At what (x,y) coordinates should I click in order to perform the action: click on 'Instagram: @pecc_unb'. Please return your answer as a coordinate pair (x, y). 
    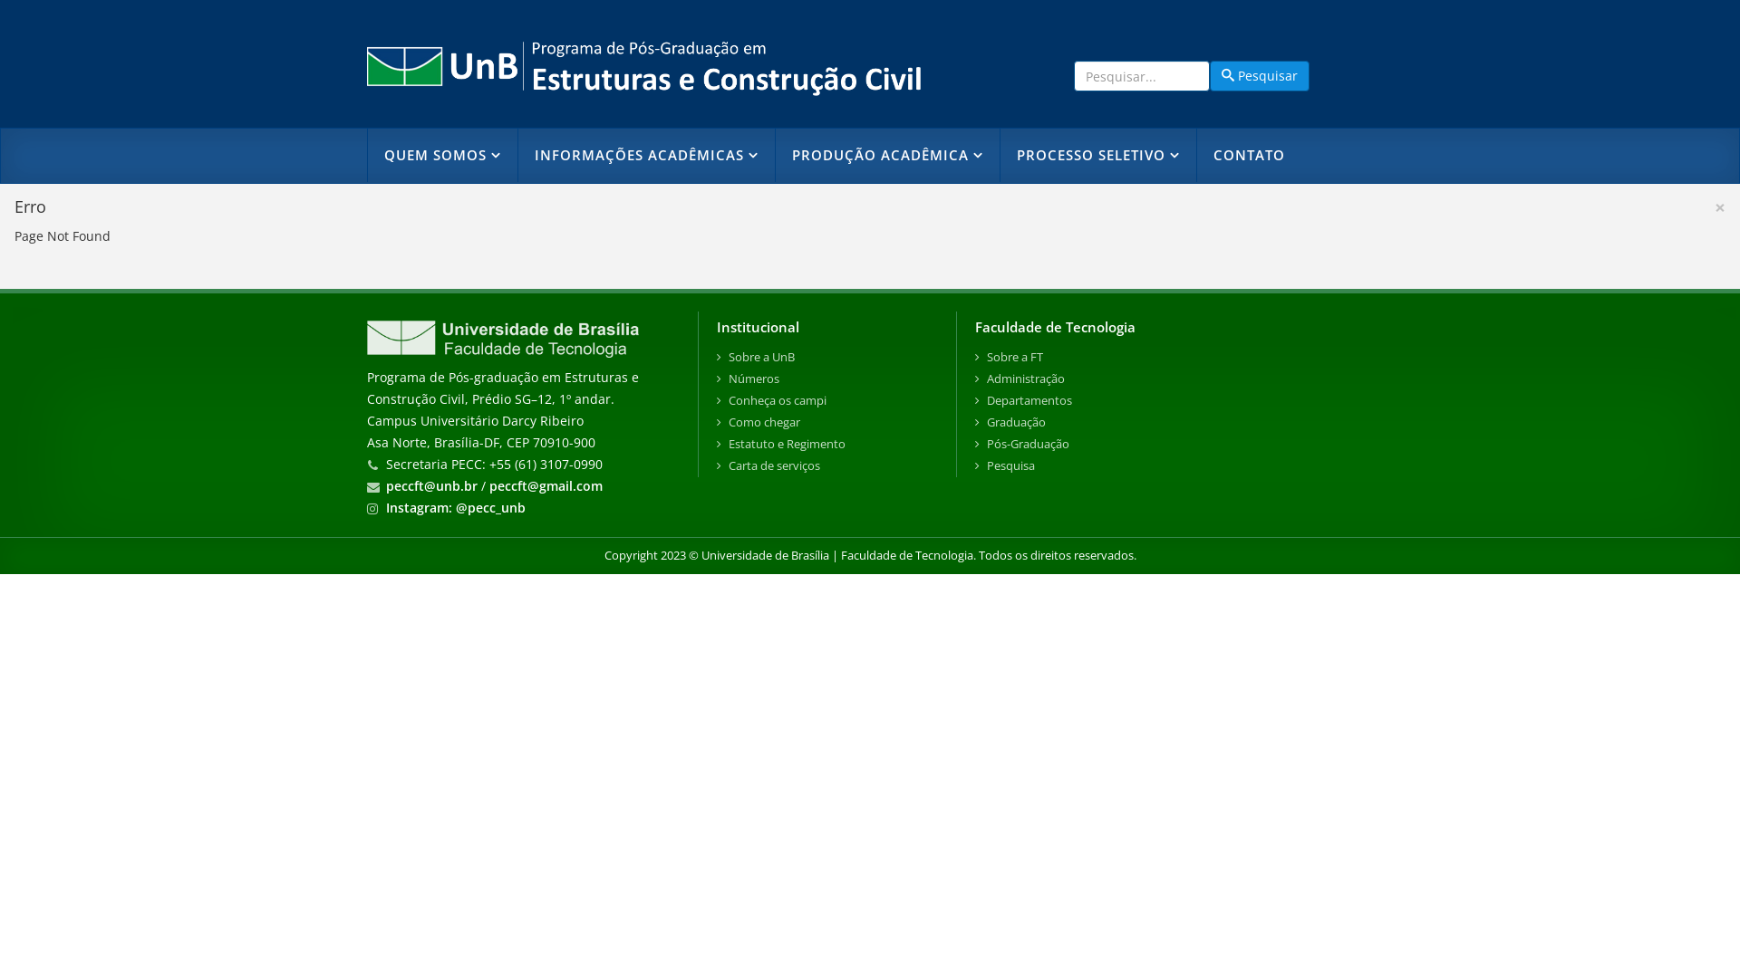
    Looking at the image, I should click on (456, 507).